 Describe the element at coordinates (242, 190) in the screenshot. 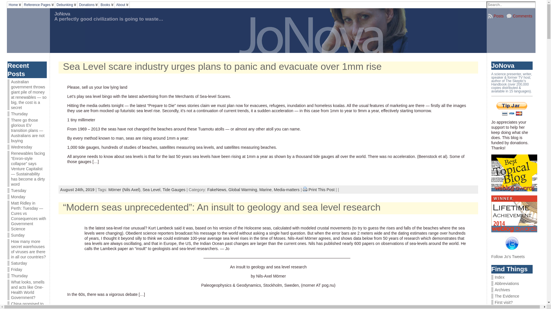

I see `'Global Warming'` at that location.